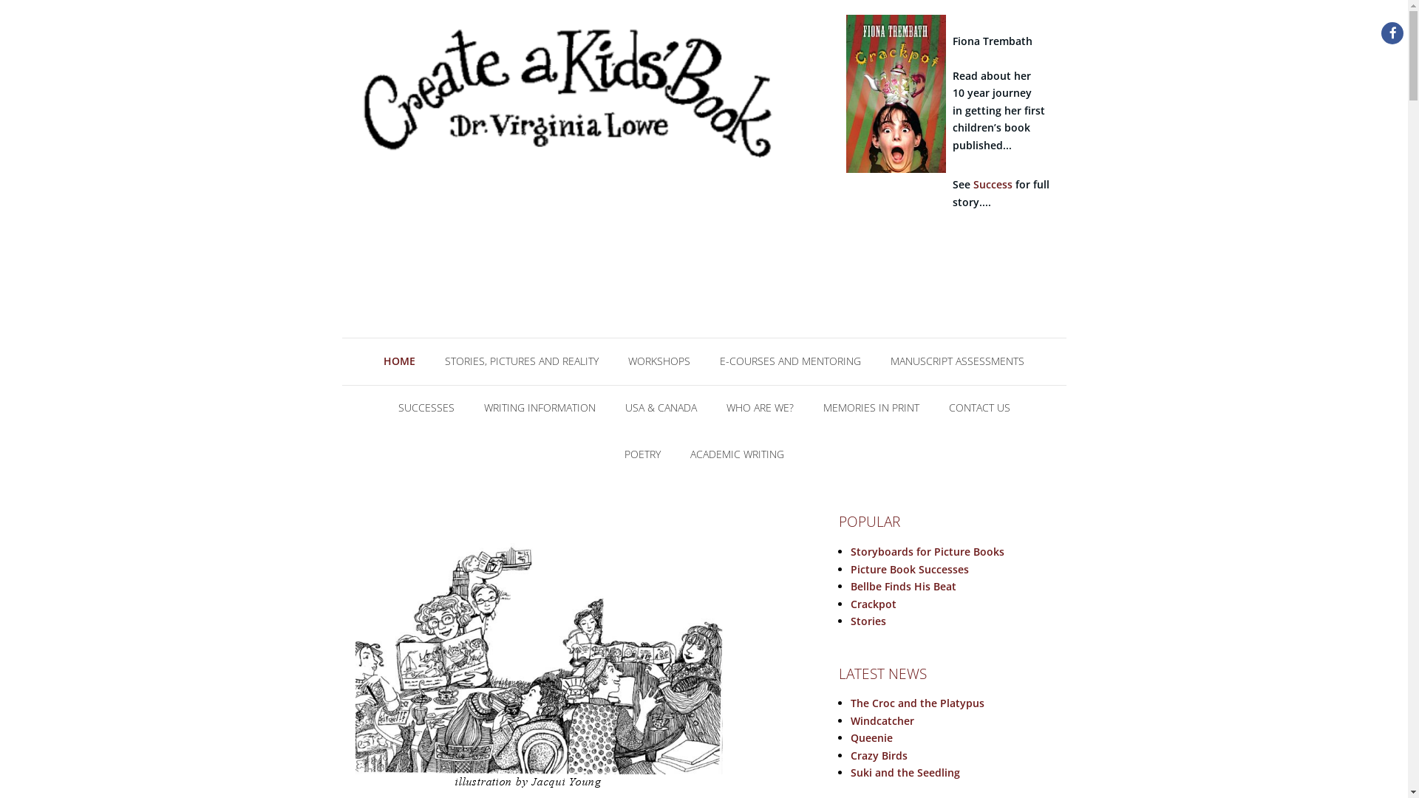  What do you see at coordinates (868, 621) in the screenshot?
I see `'Stories'` at bounding box center [868, 621].